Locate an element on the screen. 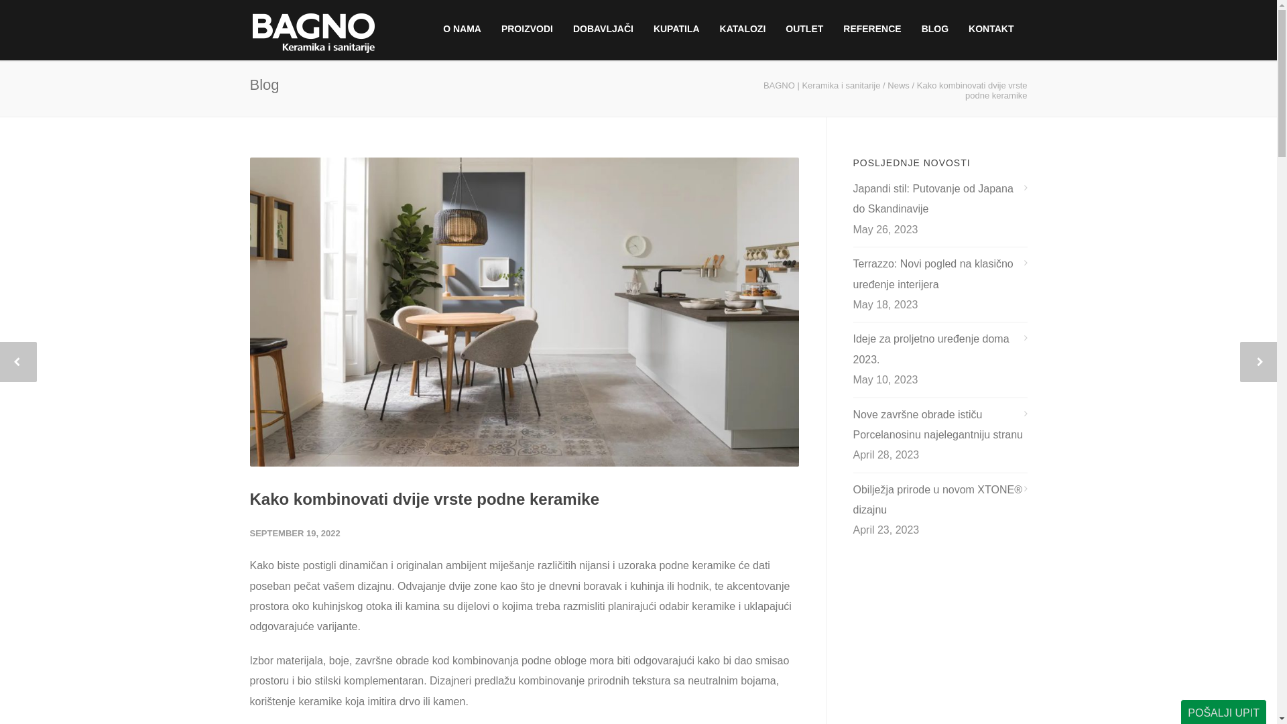  'BAGNO | Keramika i sanitarije' is located at coordinates (821, 85).